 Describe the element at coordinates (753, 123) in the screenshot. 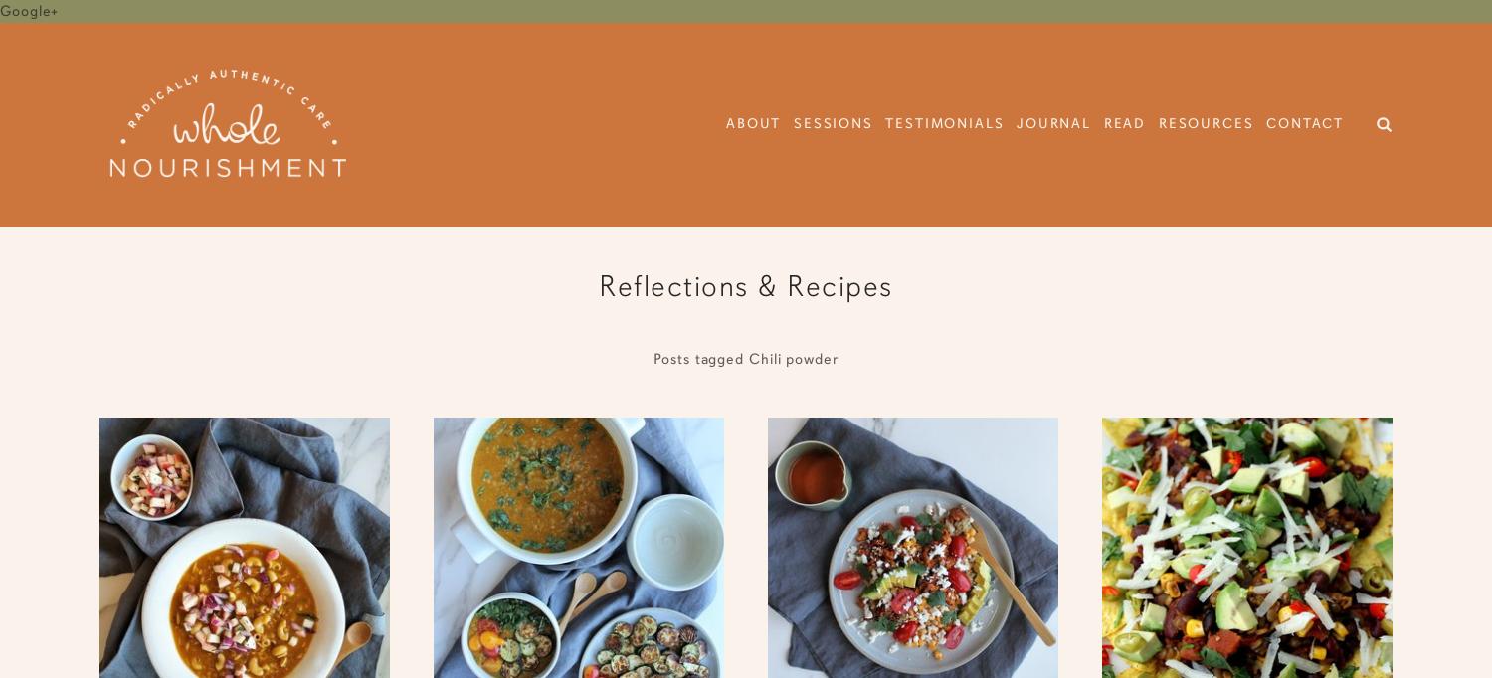

I see `'About'` at that location.